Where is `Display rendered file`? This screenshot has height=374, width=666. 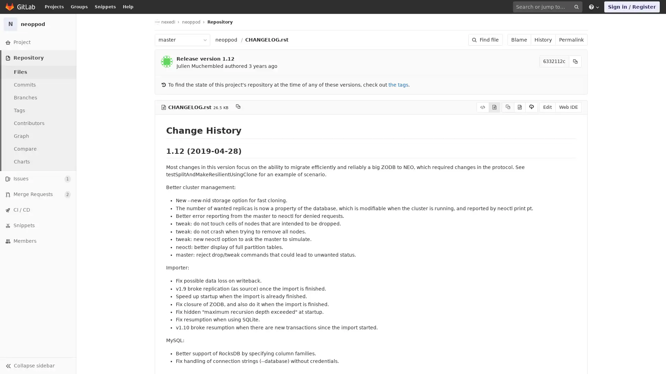 Display rendered file is located at coordinates (494, 107).